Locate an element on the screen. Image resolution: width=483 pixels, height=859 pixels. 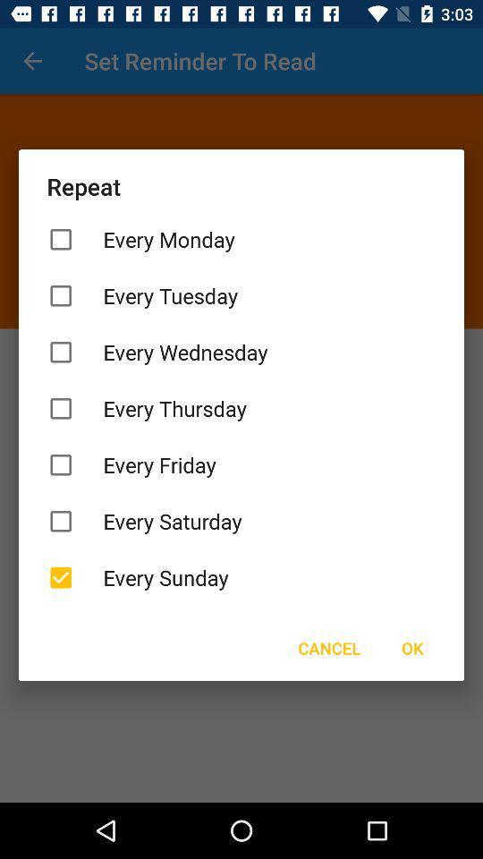
the every wednesday item is located at coordinates (241, 351).